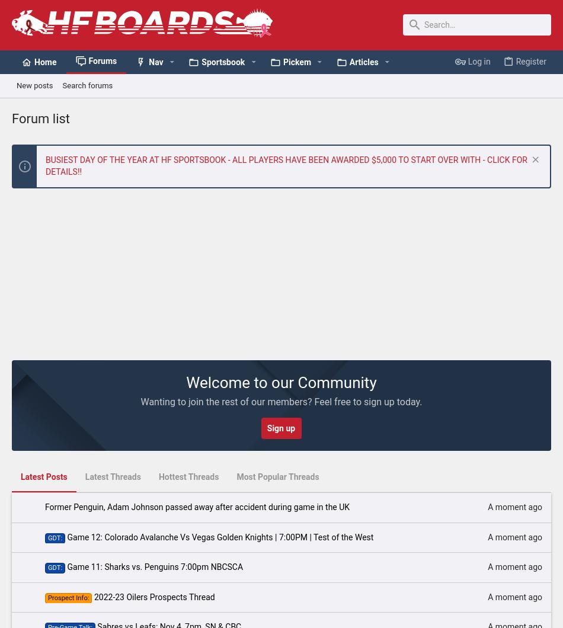 The height and width of the screenshot is (628, 563). What do you see at coordinates (280, 400) in the screenshot?
I see `'Wanting to join the rest of our members? Feel free to sign up today.'` at bounding box center [280, 400].